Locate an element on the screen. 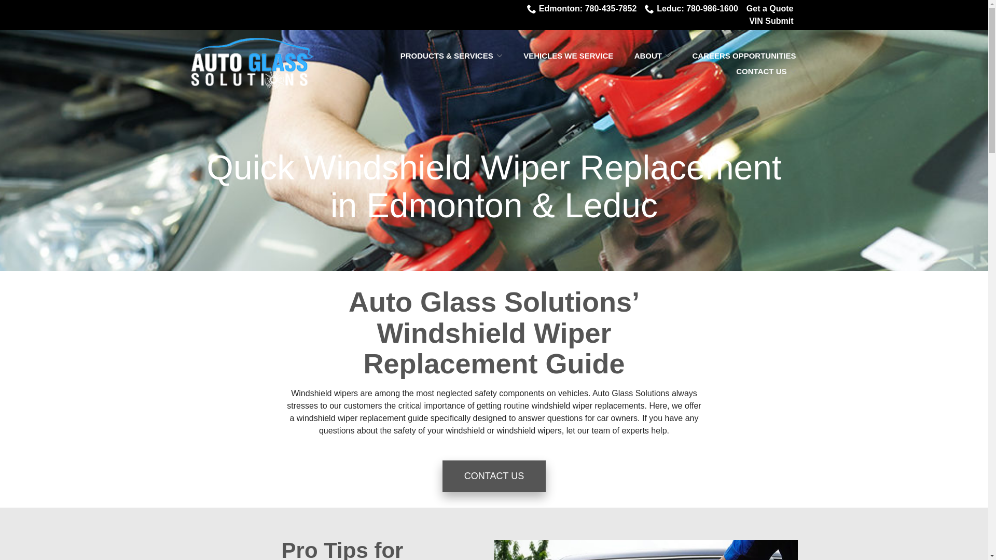 This screenshot has height=560, width=996. 'PRODUCTS & SERVICES' is located at coordinates (451, 55).